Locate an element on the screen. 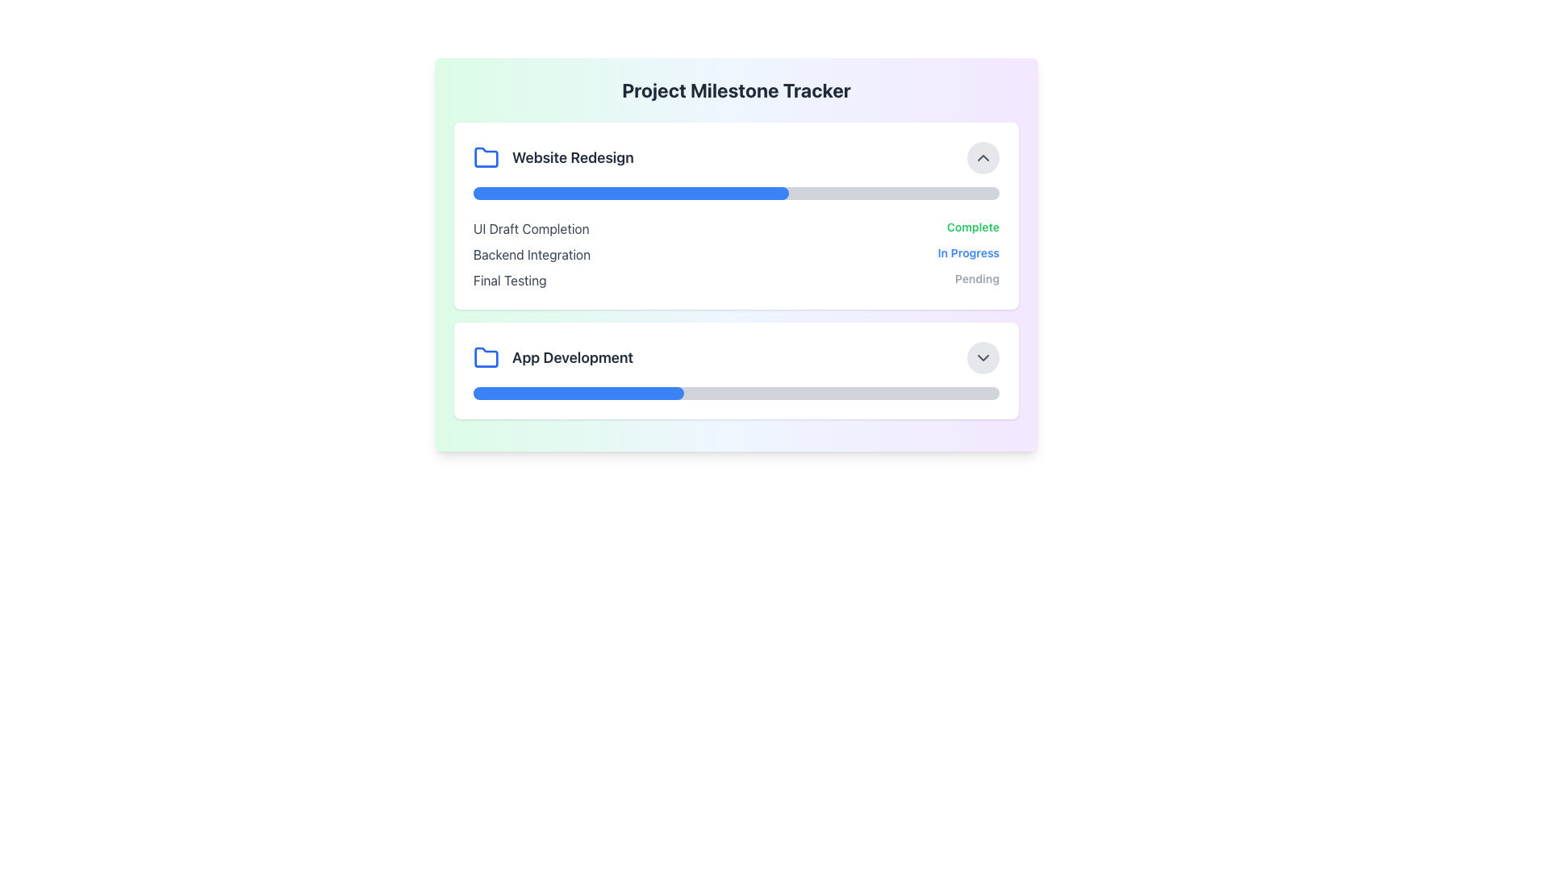 The width and height of the screenshot is (1549, 871). the downwards chevron icon located within the circular button at the top-right corner of the 'App Development' section is located at coordinates (983, 356).